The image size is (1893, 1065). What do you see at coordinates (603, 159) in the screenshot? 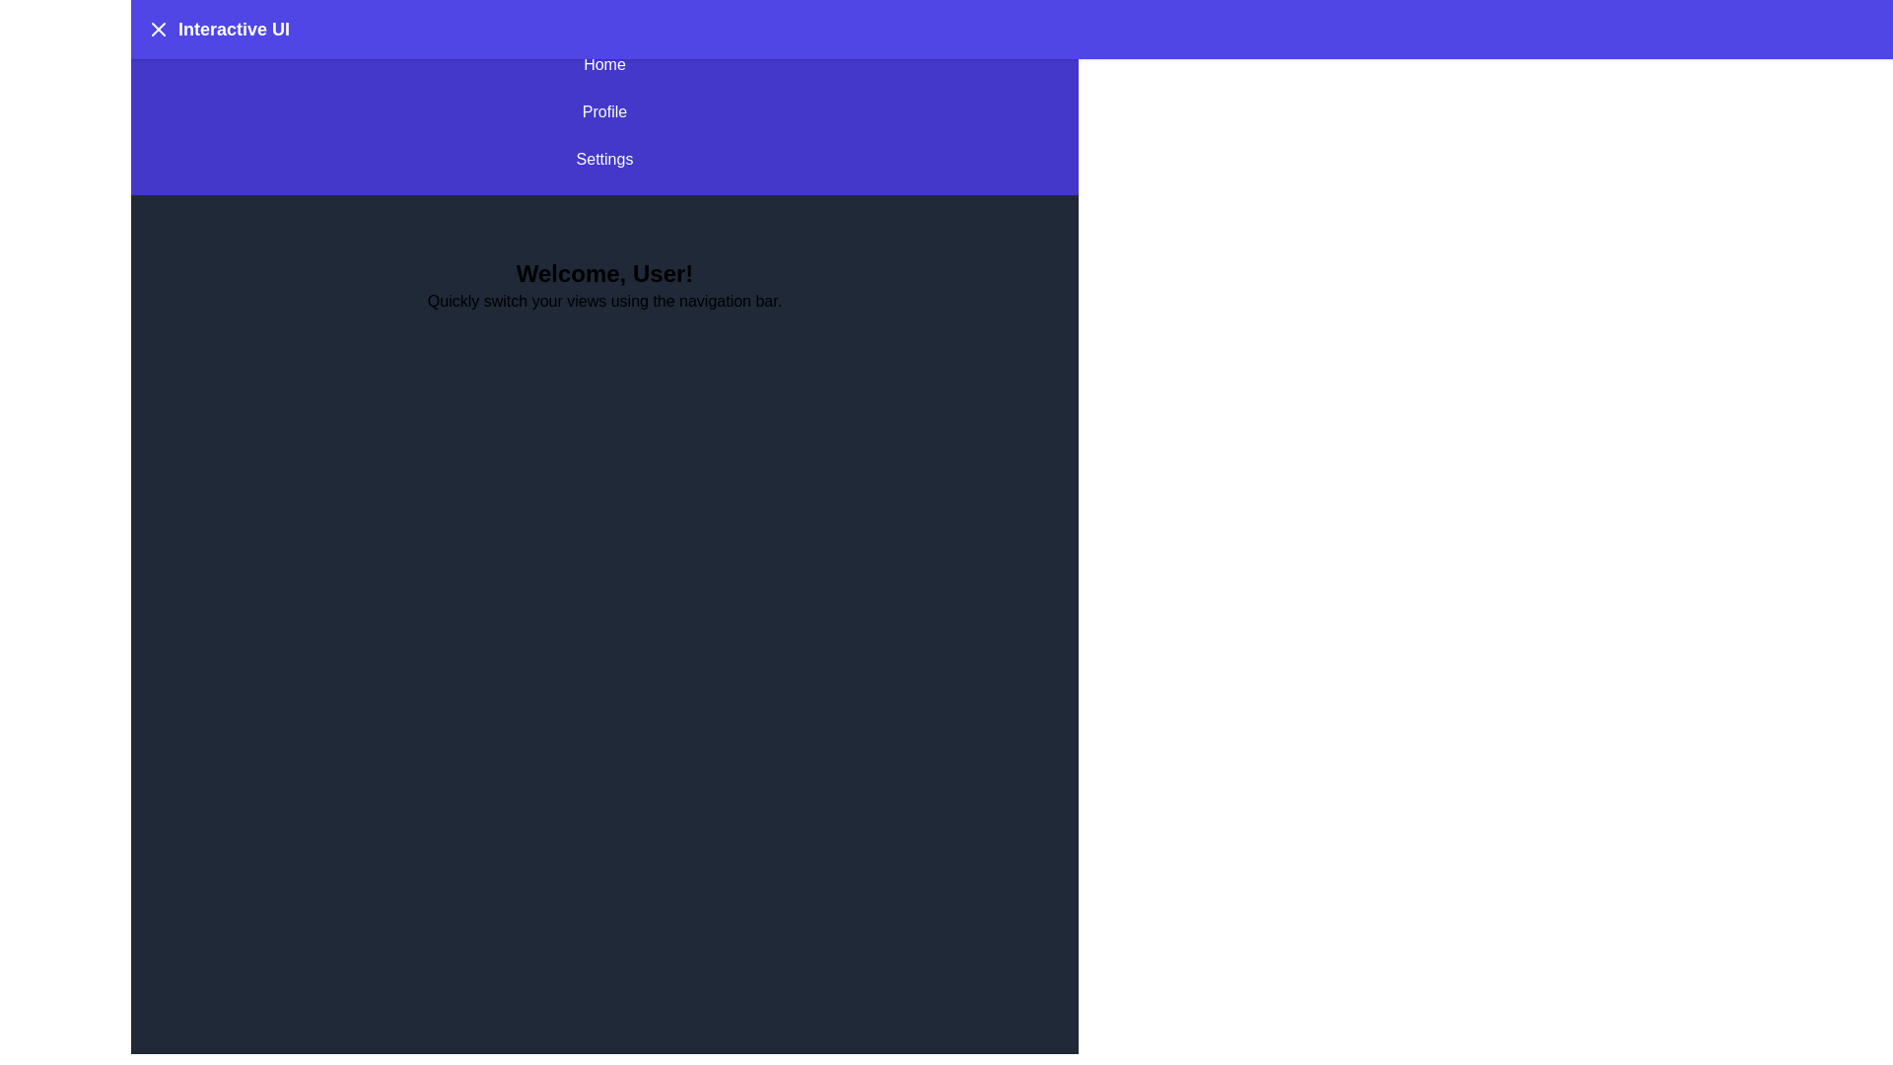
I see `the navigation menu item Settings` at bounding box center [603, 159].